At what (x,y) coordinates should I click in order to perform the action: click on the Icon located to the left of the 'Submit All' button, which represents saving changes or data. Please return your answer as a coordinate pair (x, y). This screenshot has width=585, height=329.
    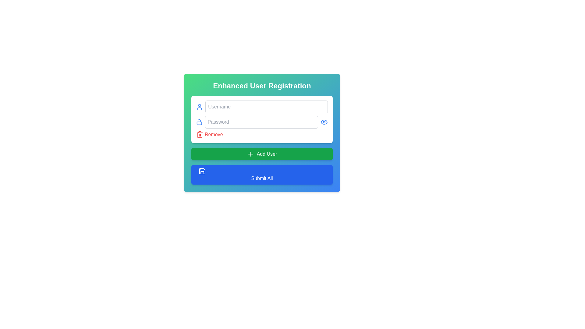
    Looking at the image, I should click on (202, 171).